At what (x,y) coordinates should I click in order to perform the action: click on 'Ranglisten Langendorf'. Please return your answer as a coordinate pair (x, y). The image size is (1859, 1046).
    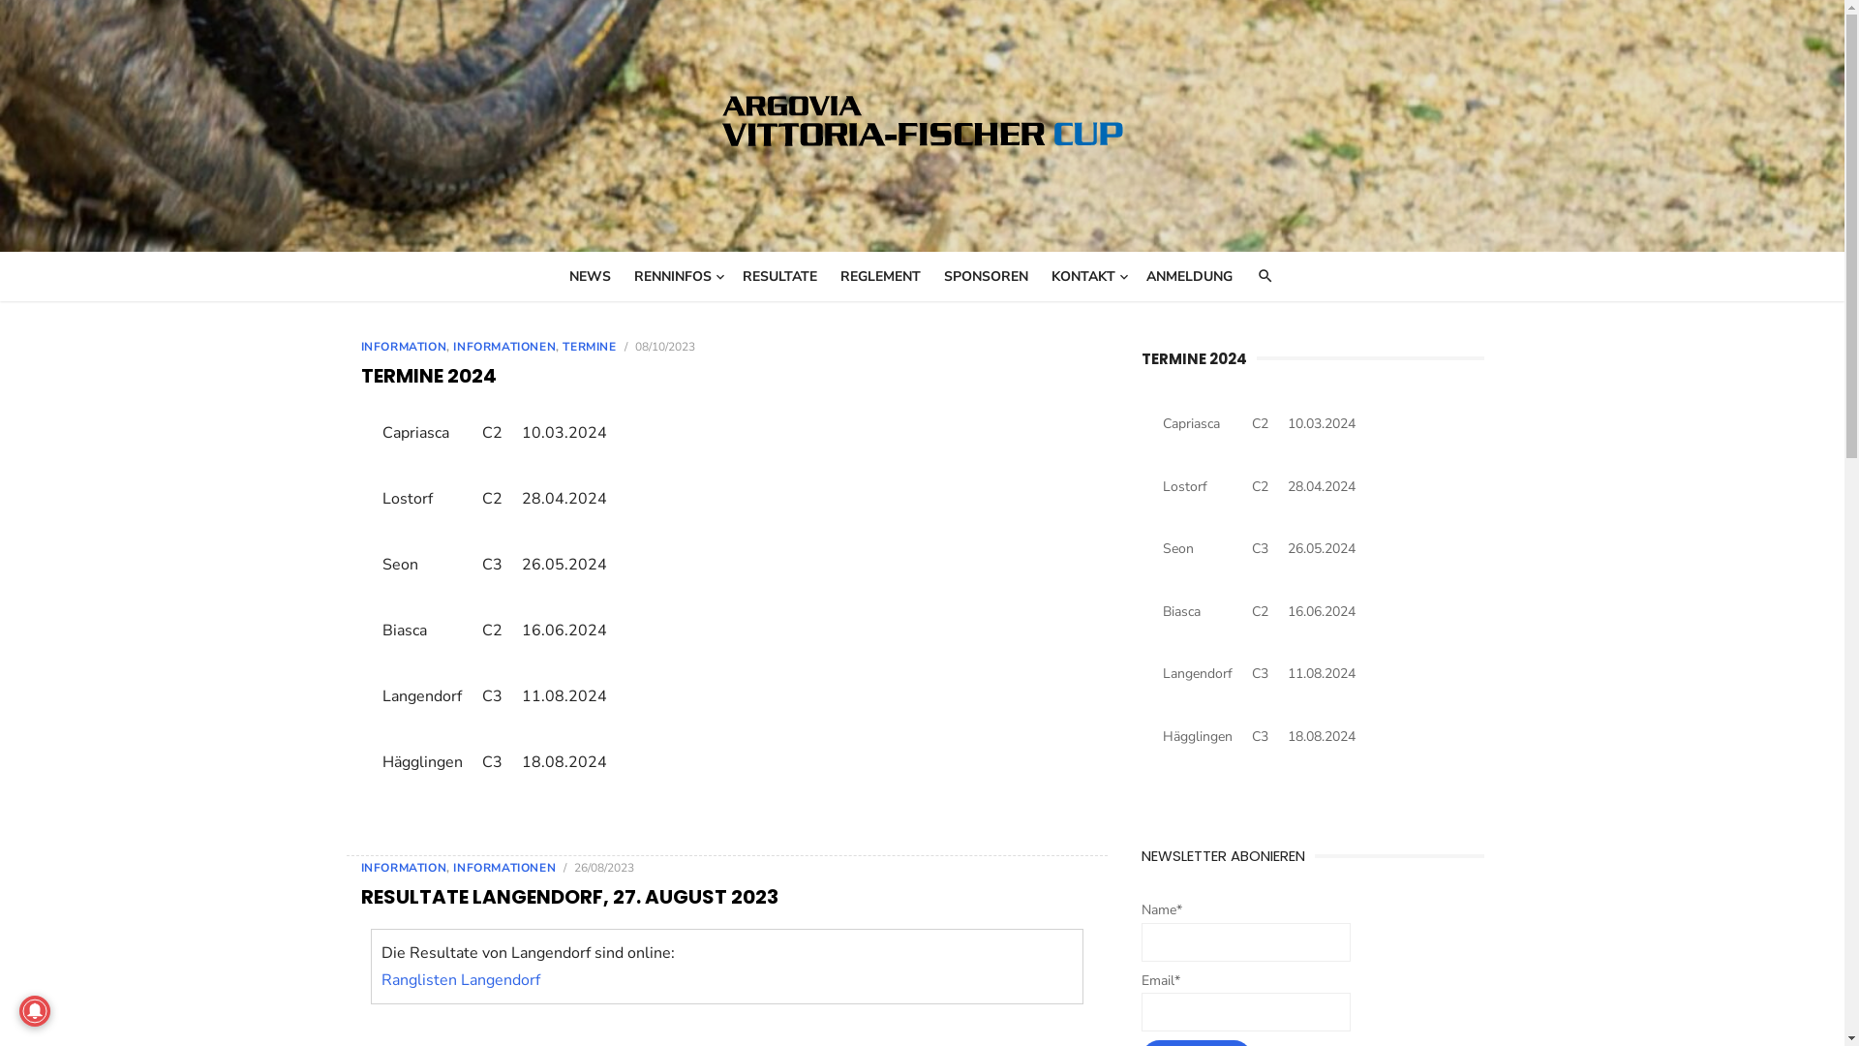
    Looking at the image, I should click on (459, 978).